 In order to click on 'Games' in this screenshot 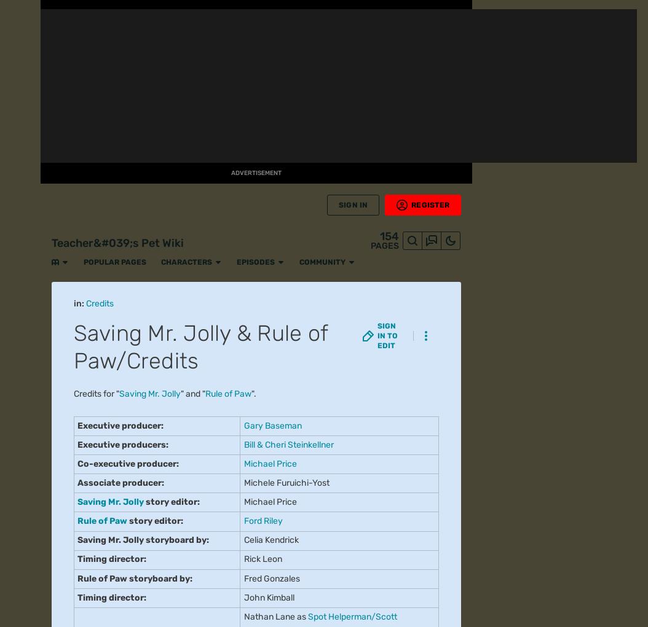, I will do `click(20, 176)`.